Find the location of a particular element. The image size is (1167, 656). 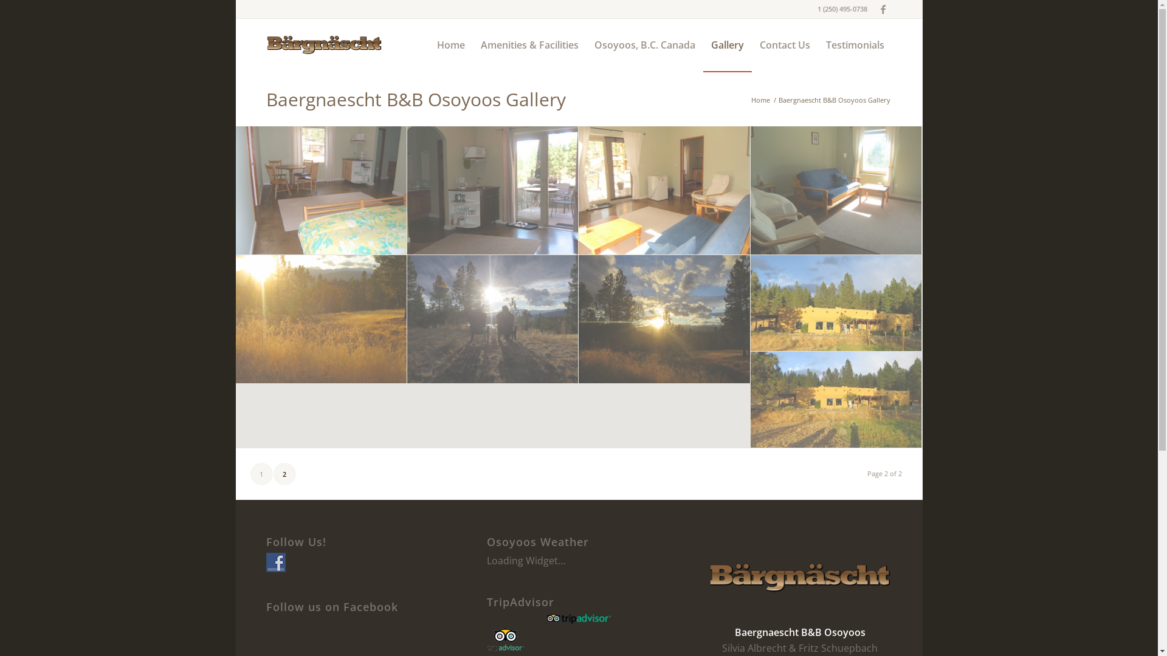

'Testimonials' is located at coordinates (854, 44).